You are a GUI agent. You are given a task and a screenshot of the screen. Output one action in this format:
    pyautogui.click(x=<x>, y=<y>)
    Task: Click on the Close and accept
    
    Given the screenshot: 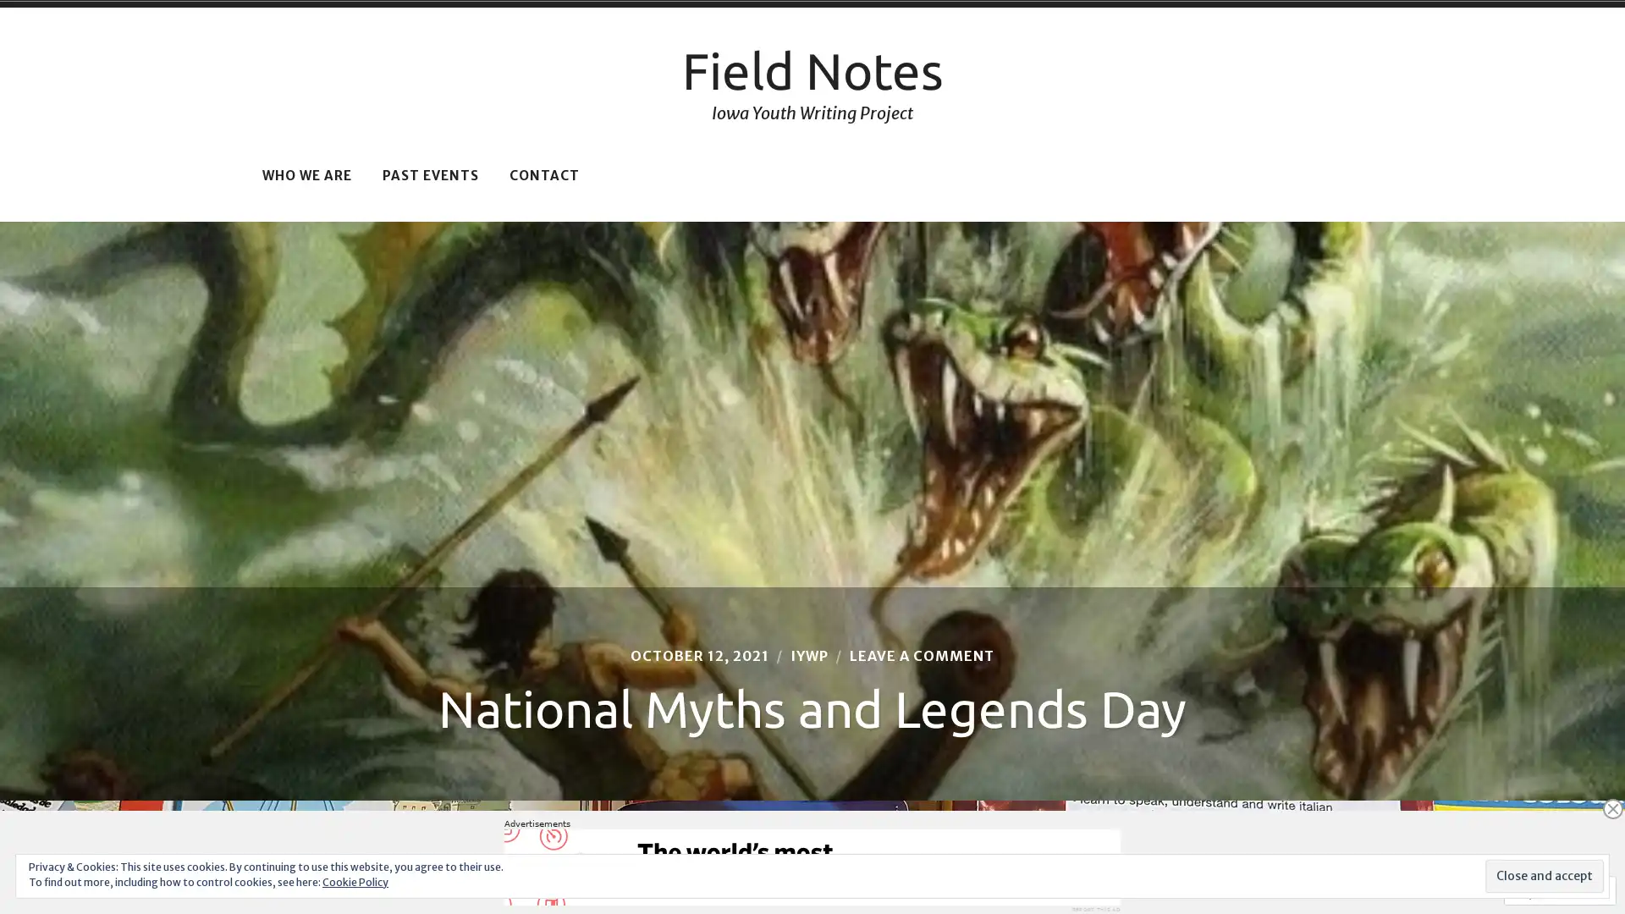 What is the action you would take?
    pyautogui.click(x=1544, y=876)
    